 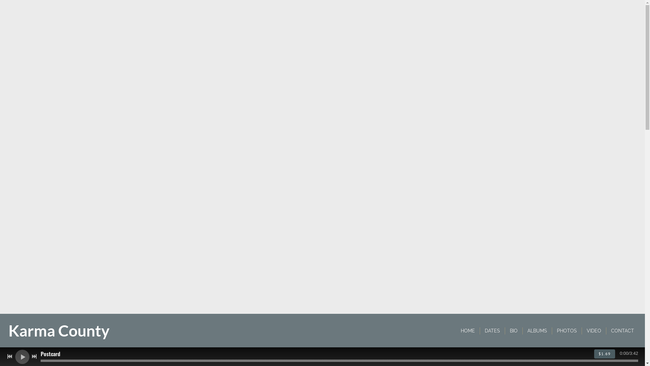 I want to click on 'PHOTOS', so click(x=567, y=330).